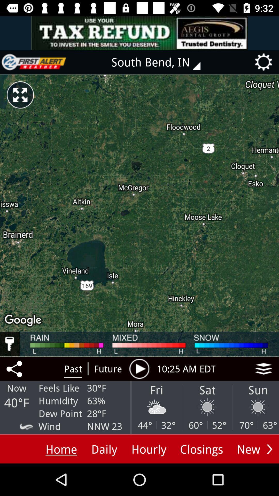 This screenshot has height=496, width=279. Describe the element at coordinates (139, 368) in the screenshot. I see `option` at that location.